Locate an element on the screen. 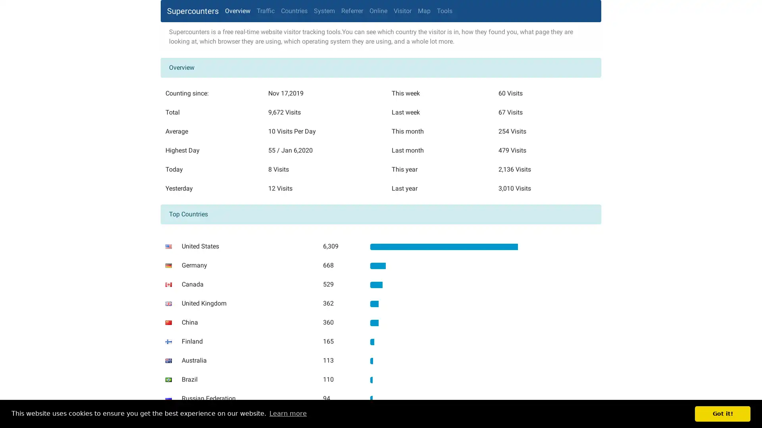  learn more about cookies is located at coordinates (287, 413).